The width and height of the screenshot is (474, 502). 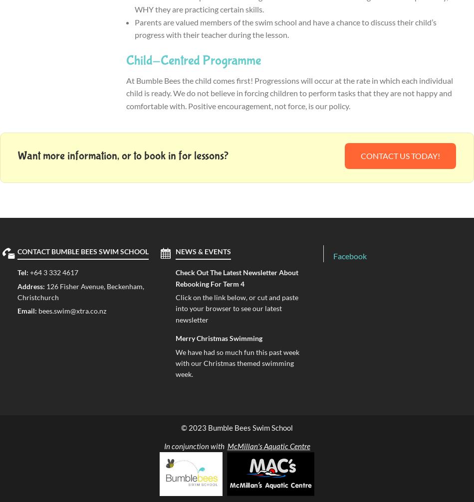 What do you see at coordinates (289, 93) in the screenshot?
I see `'At Bumble Bees the child comes first! Progressions will occur at the rate in which each individual child is ready. We do not believe in forcing children to perform tasks that they are not happy and comfortable with. Positive encouragement, not force, is our policy.'` at bounding box center [289, 93].